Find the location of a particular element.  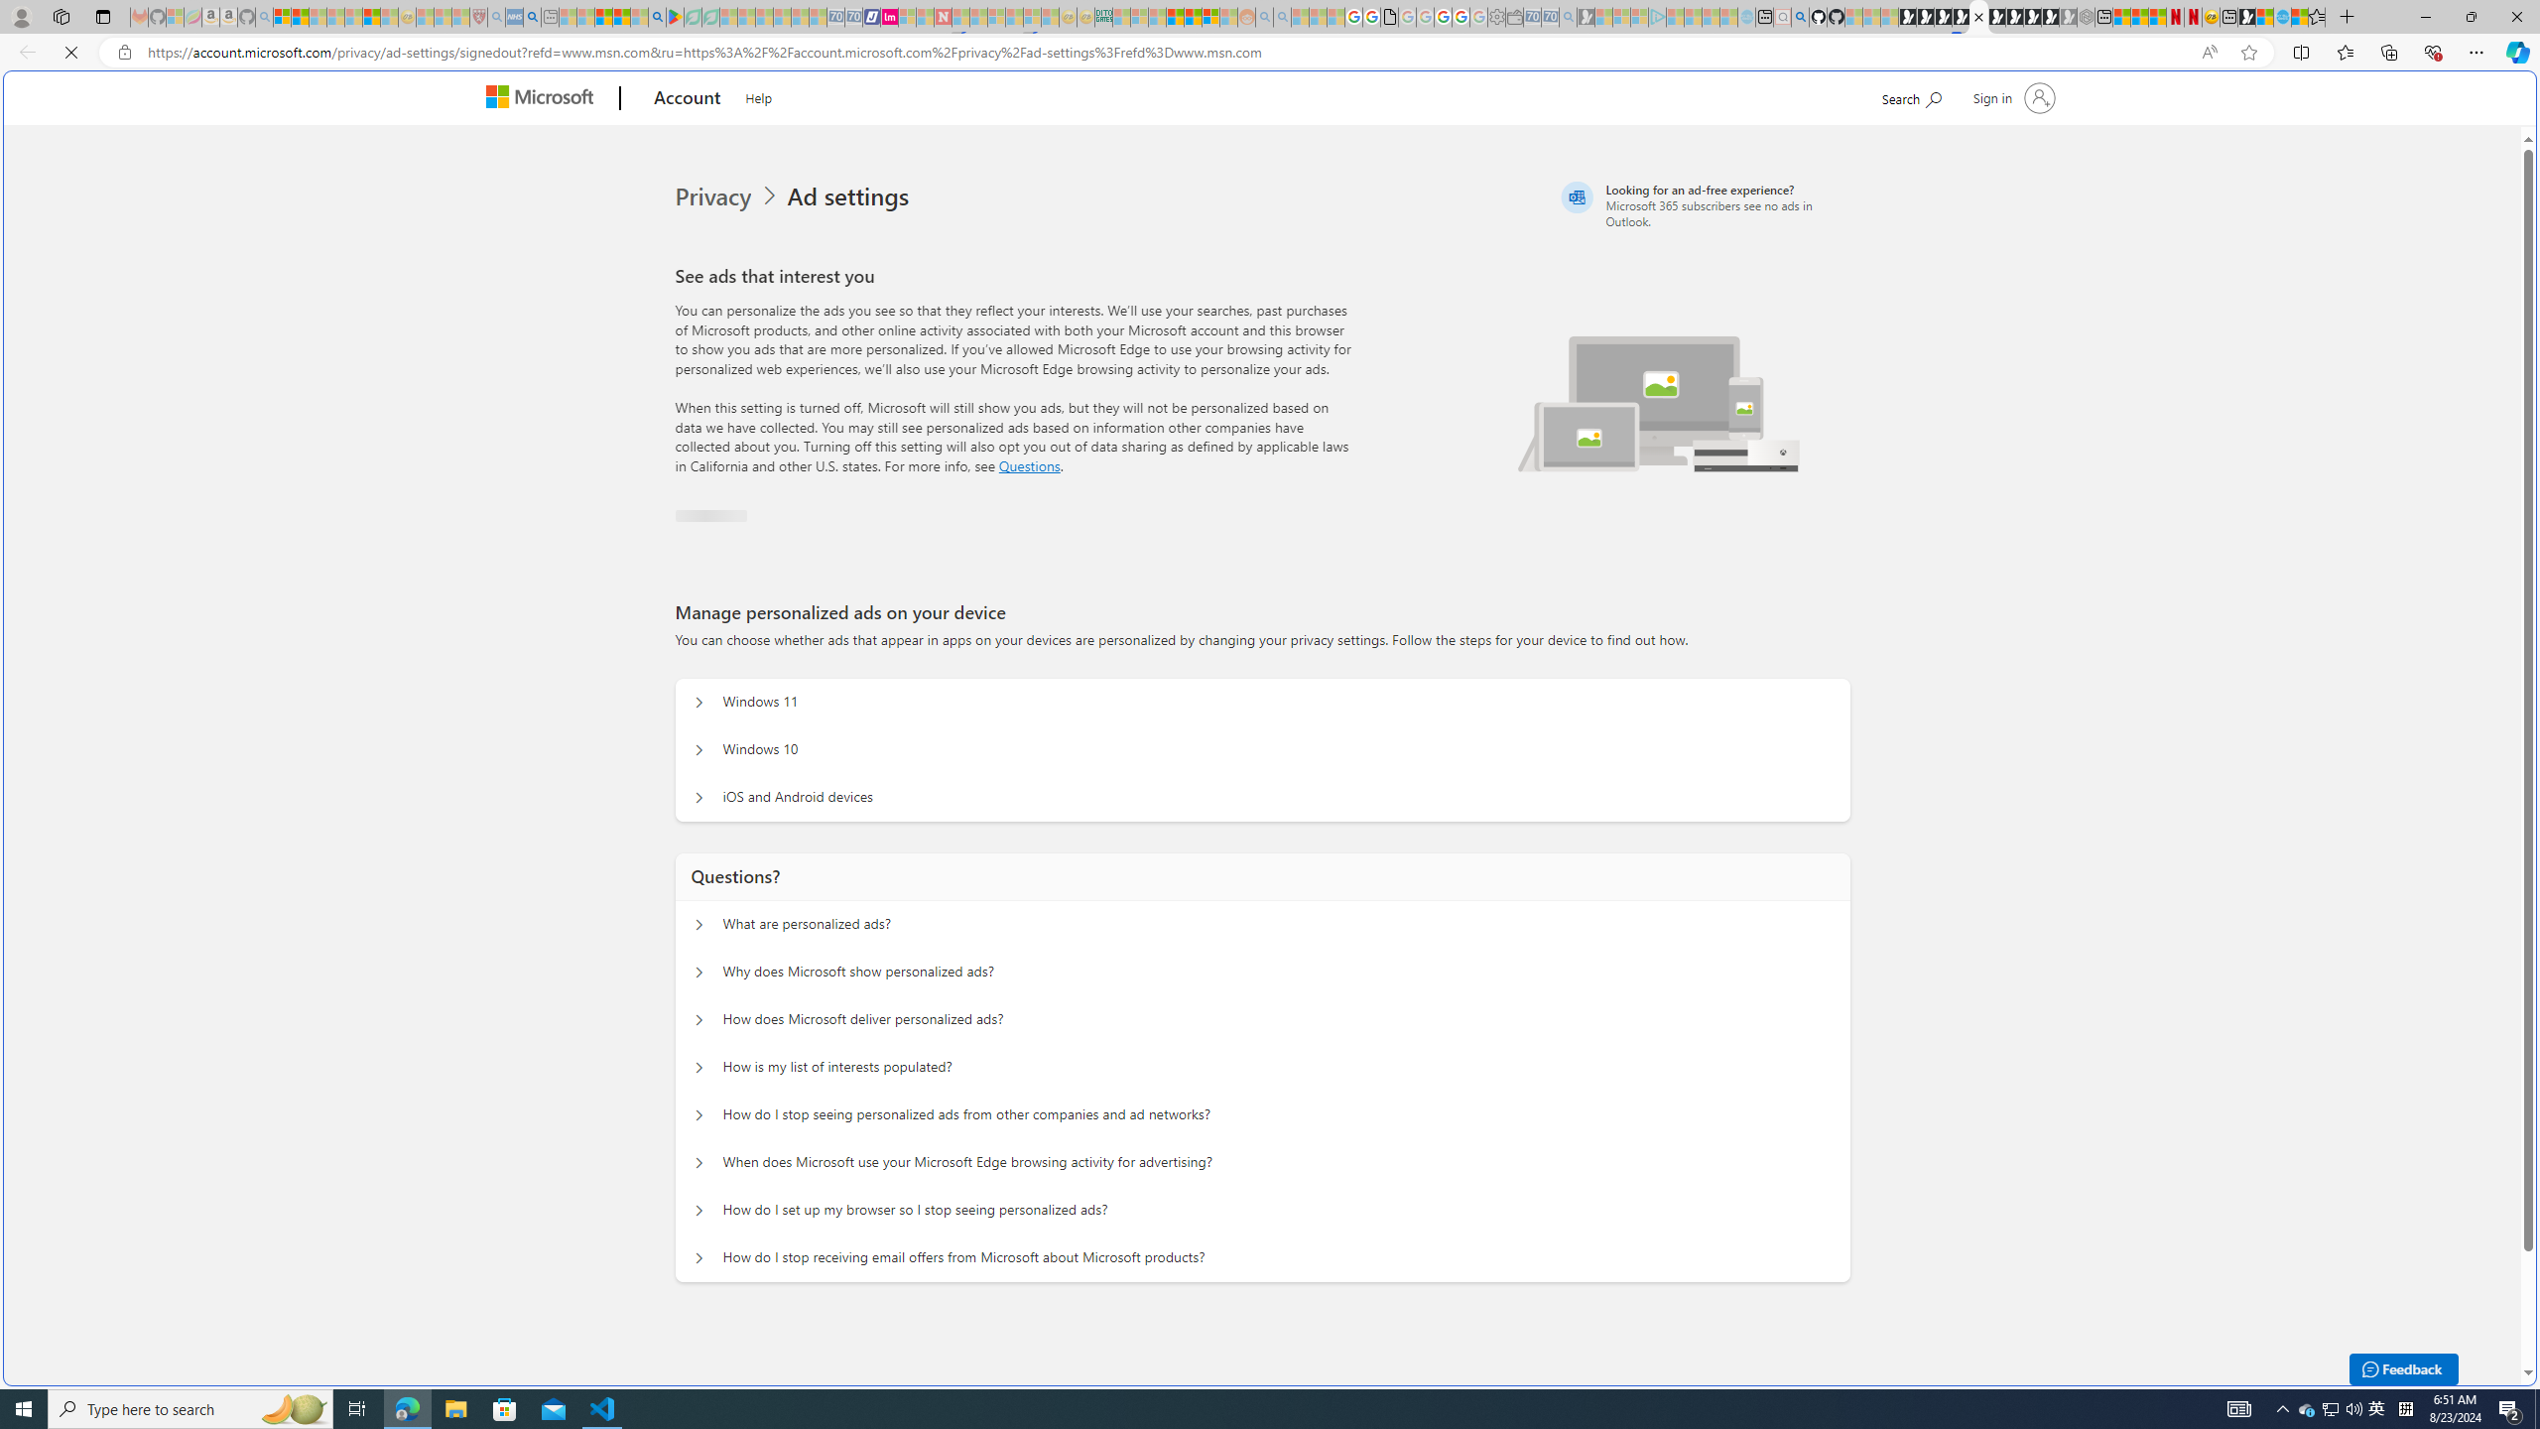

'Sign in to your account' is located at coordinates (2010, 96).